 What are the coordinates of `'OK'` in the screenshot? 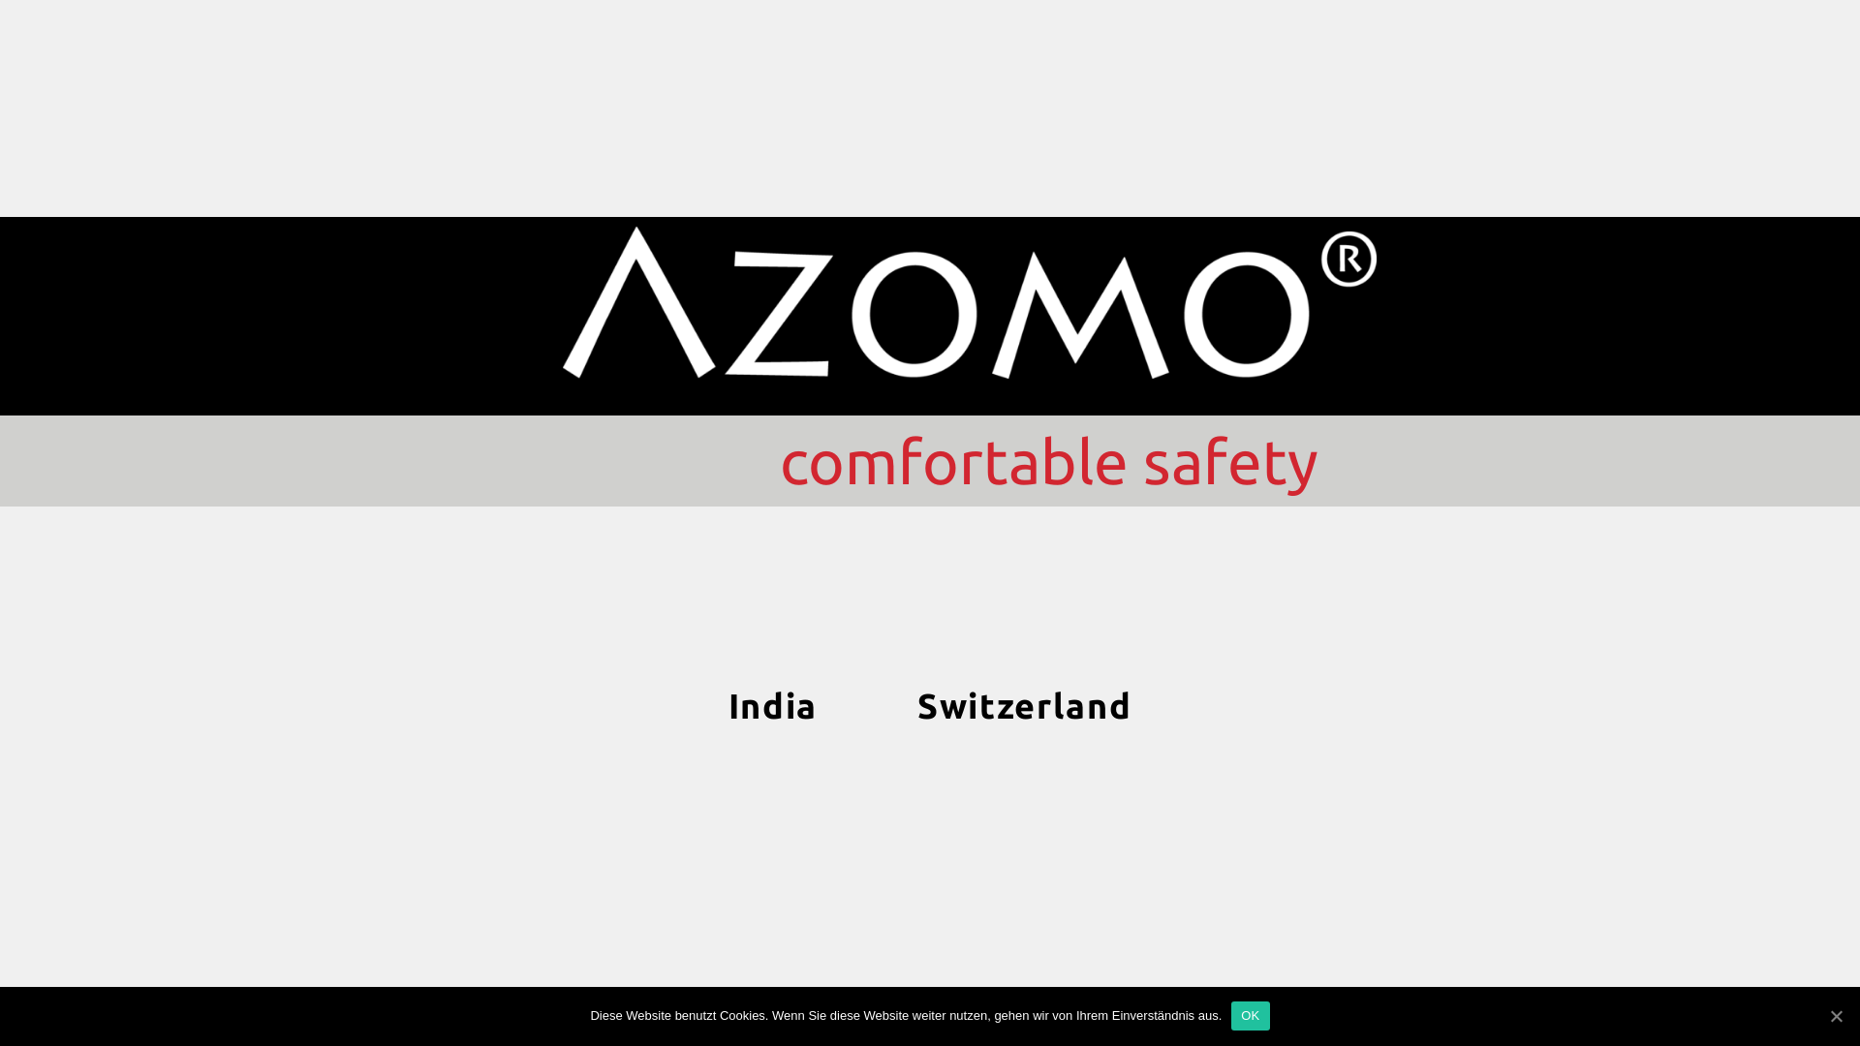 It's located at (1250, 1015).